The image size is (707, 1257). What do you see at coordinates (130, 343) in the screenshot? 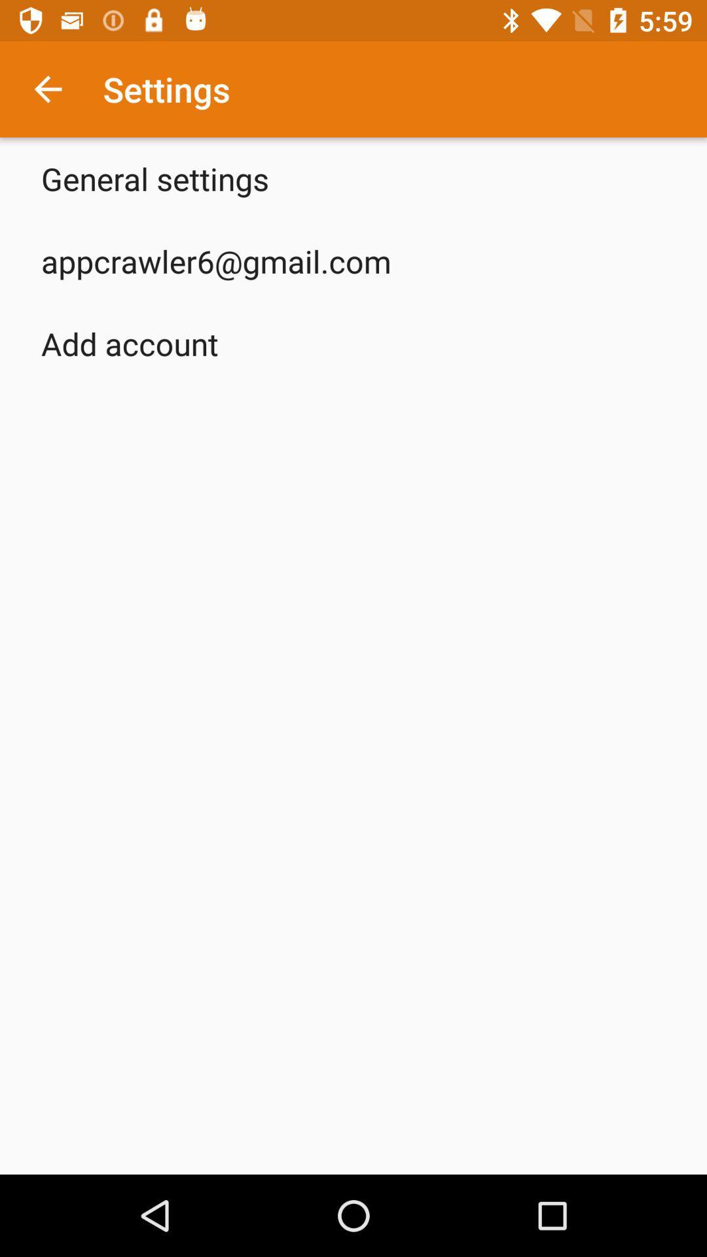
I see `icon below the appcrawler6@gmail.com app` at bounding box center [130, 343].